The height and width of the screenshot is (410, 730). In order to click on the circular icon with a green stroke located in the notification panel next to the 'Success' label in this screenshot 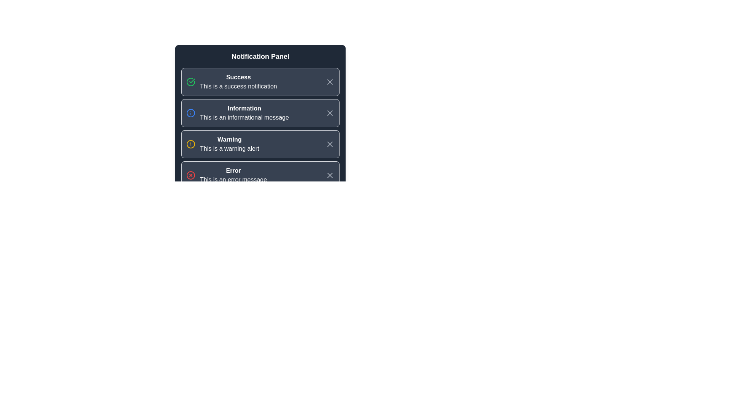, I will do `click(191, 82)`.